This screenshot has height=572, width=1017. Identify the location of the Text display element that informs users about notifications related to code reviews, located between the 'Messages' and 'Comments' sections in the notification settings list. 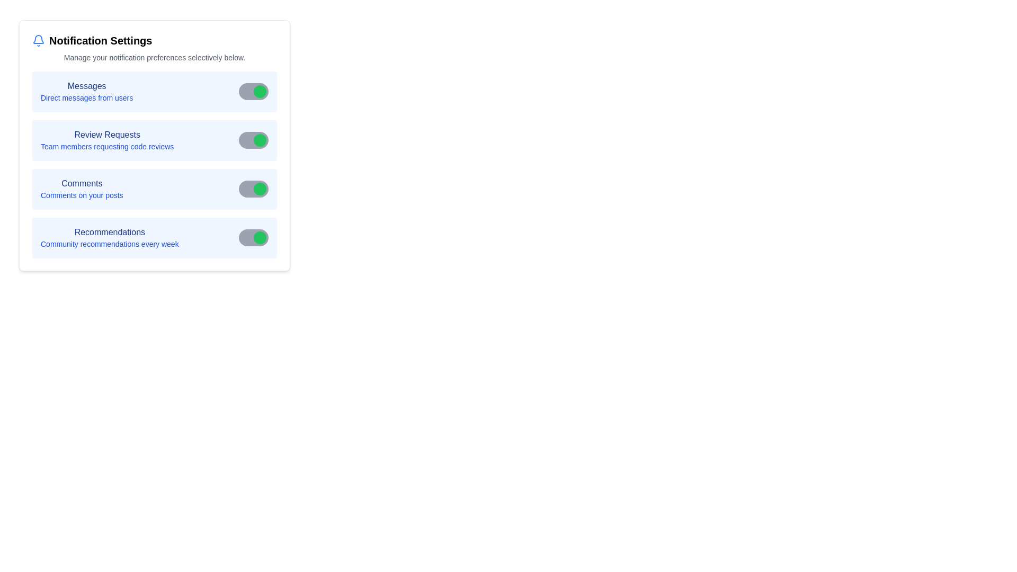
(107, 140).